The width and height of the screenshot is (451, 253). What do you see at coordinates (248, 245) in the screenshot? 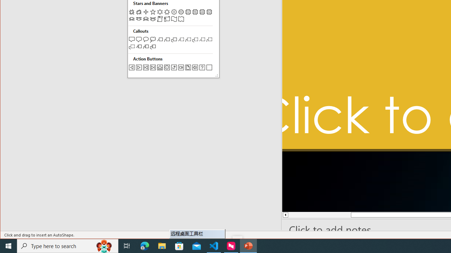
I see `'PowerPoint - 1 running window'` at bounding box center [248, 245].